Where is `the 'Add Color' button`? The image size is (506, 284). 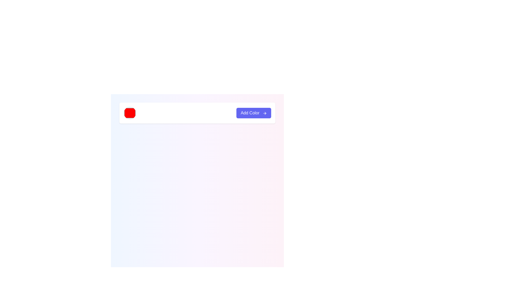
the 'Add Color' button is located at coordinates (254, 113).